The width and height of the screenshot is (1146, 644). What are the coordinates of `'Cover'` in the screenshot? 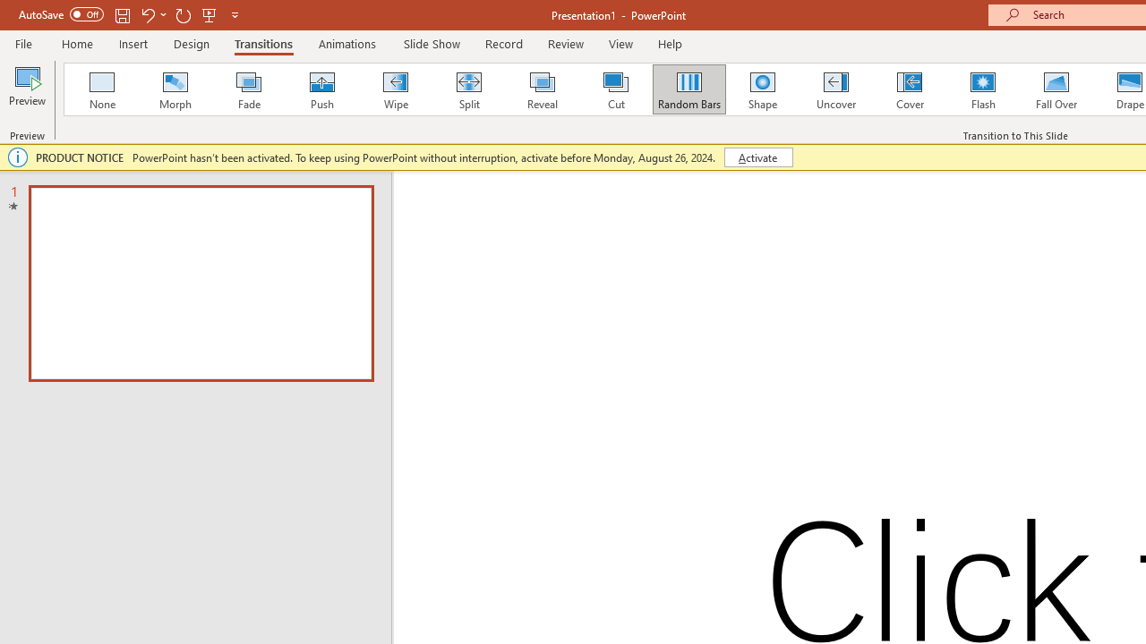 It's located at (910, 89).